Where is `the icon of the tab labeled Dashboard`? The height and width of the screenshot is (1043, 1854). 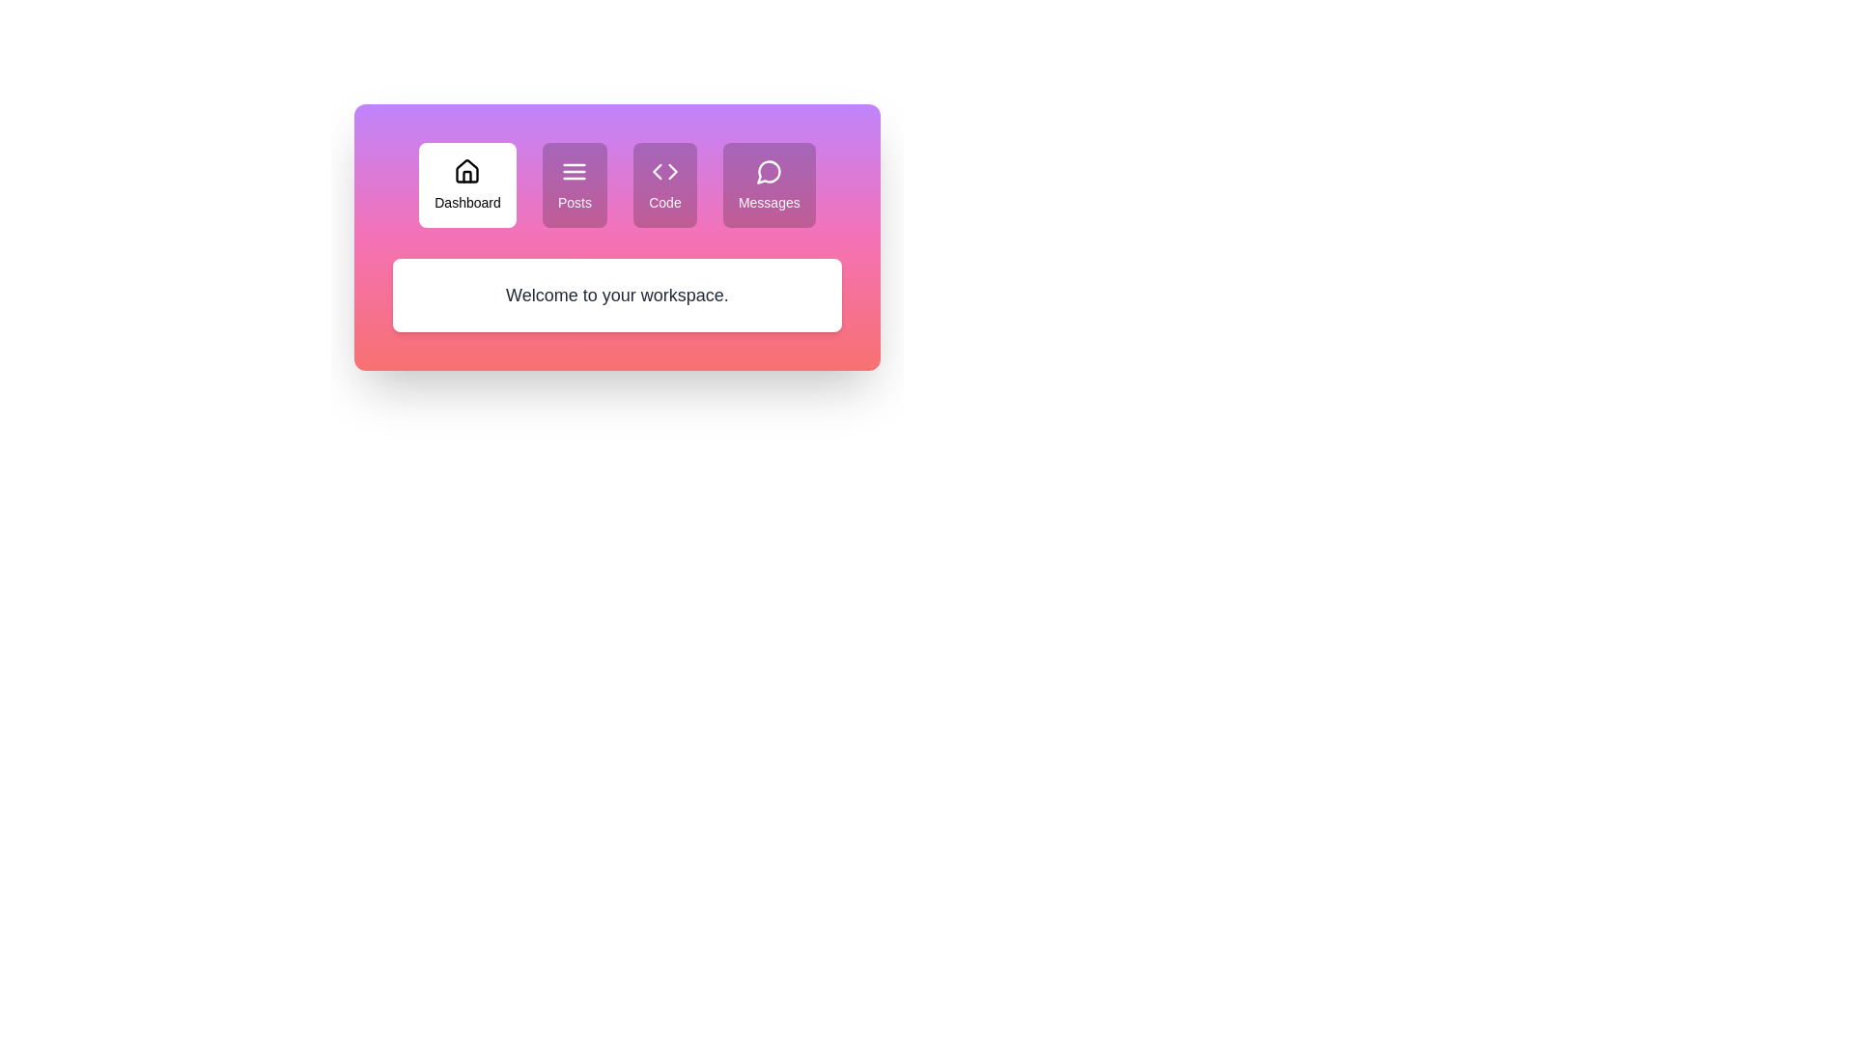 the icon of the tab labeled Dashboard is located at coordinates (467, 170).